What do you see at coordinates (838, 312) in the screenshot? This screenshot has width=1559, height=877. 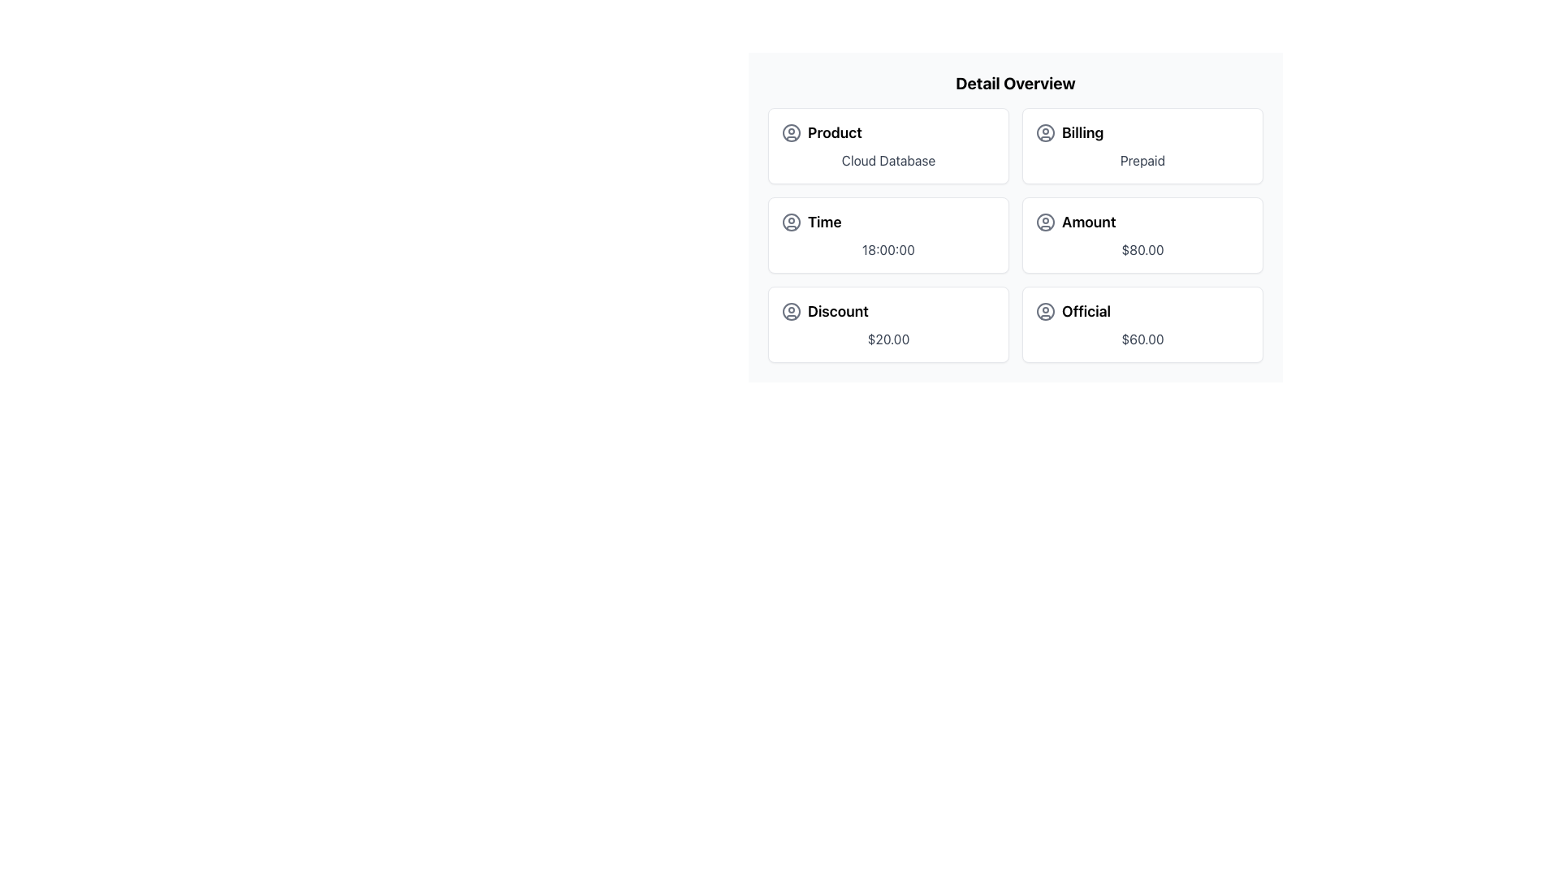 I see `the text label 'Discount' which serves as a header for associated content, located` at bounding box center [838, 312].